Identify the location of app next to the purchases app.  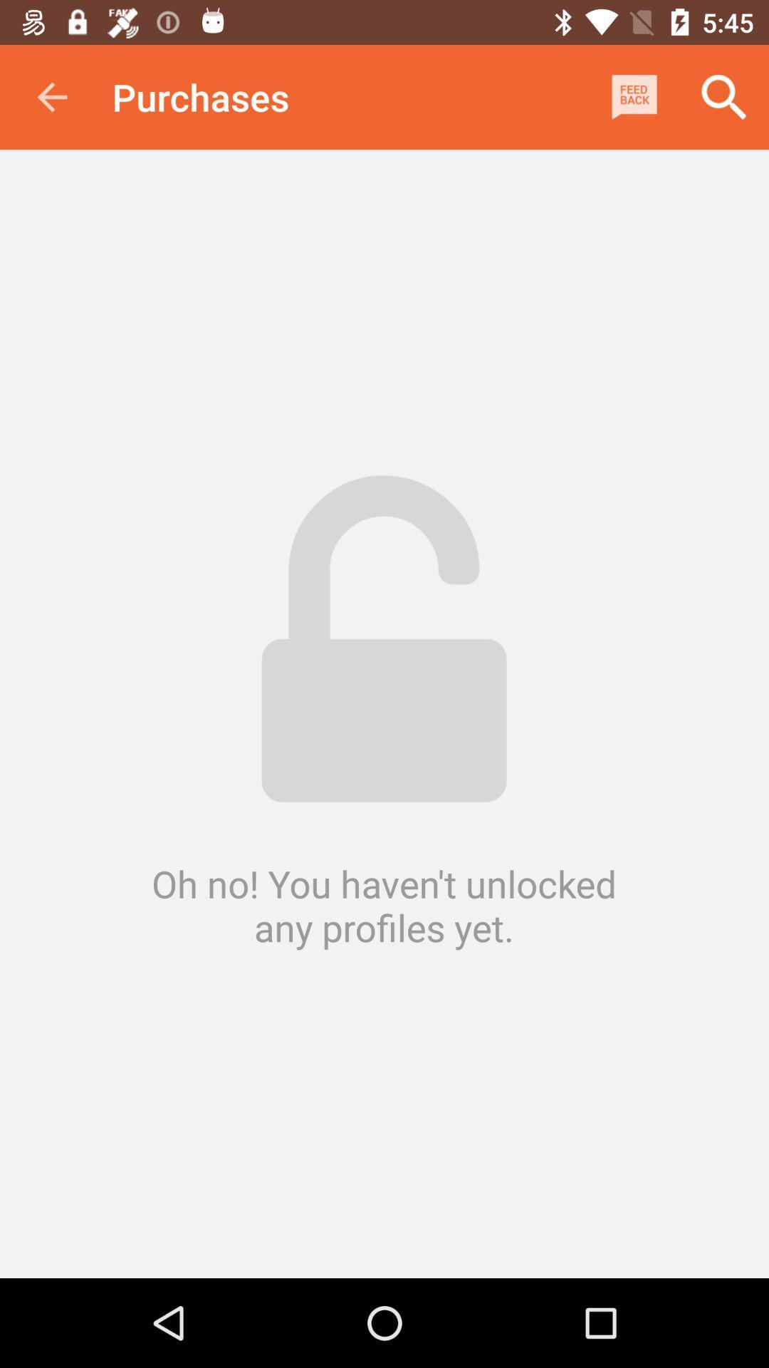
(634, 96).